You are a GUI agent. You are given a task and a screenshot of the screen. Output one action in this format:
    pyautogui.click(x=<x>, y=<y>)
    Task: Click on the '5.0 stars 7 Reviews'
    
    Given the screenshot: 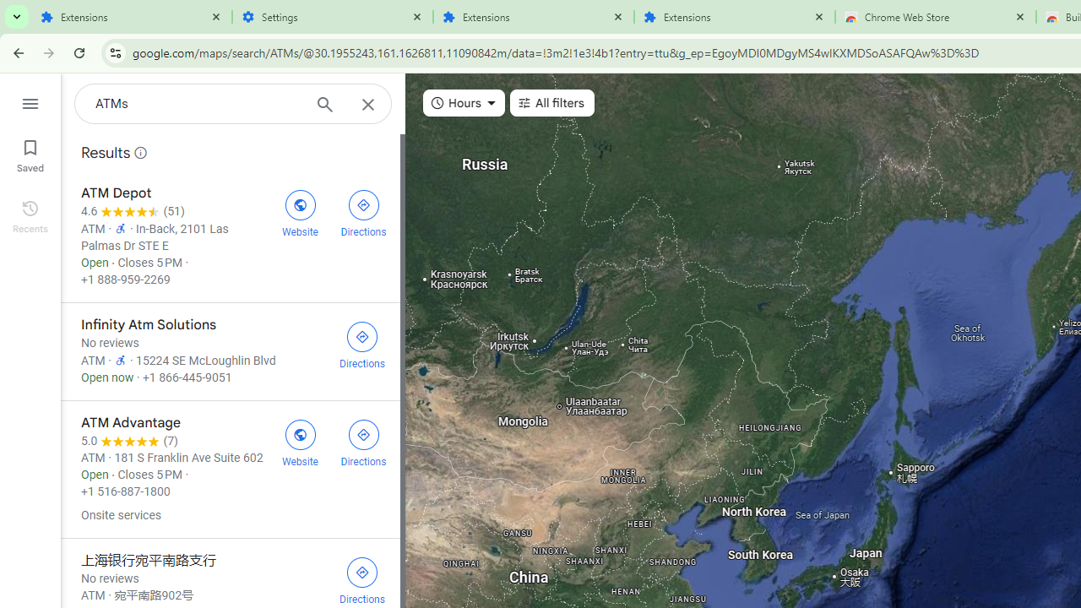 What is the action you would take?
    pyautogui.click(x=128, y=440)
    